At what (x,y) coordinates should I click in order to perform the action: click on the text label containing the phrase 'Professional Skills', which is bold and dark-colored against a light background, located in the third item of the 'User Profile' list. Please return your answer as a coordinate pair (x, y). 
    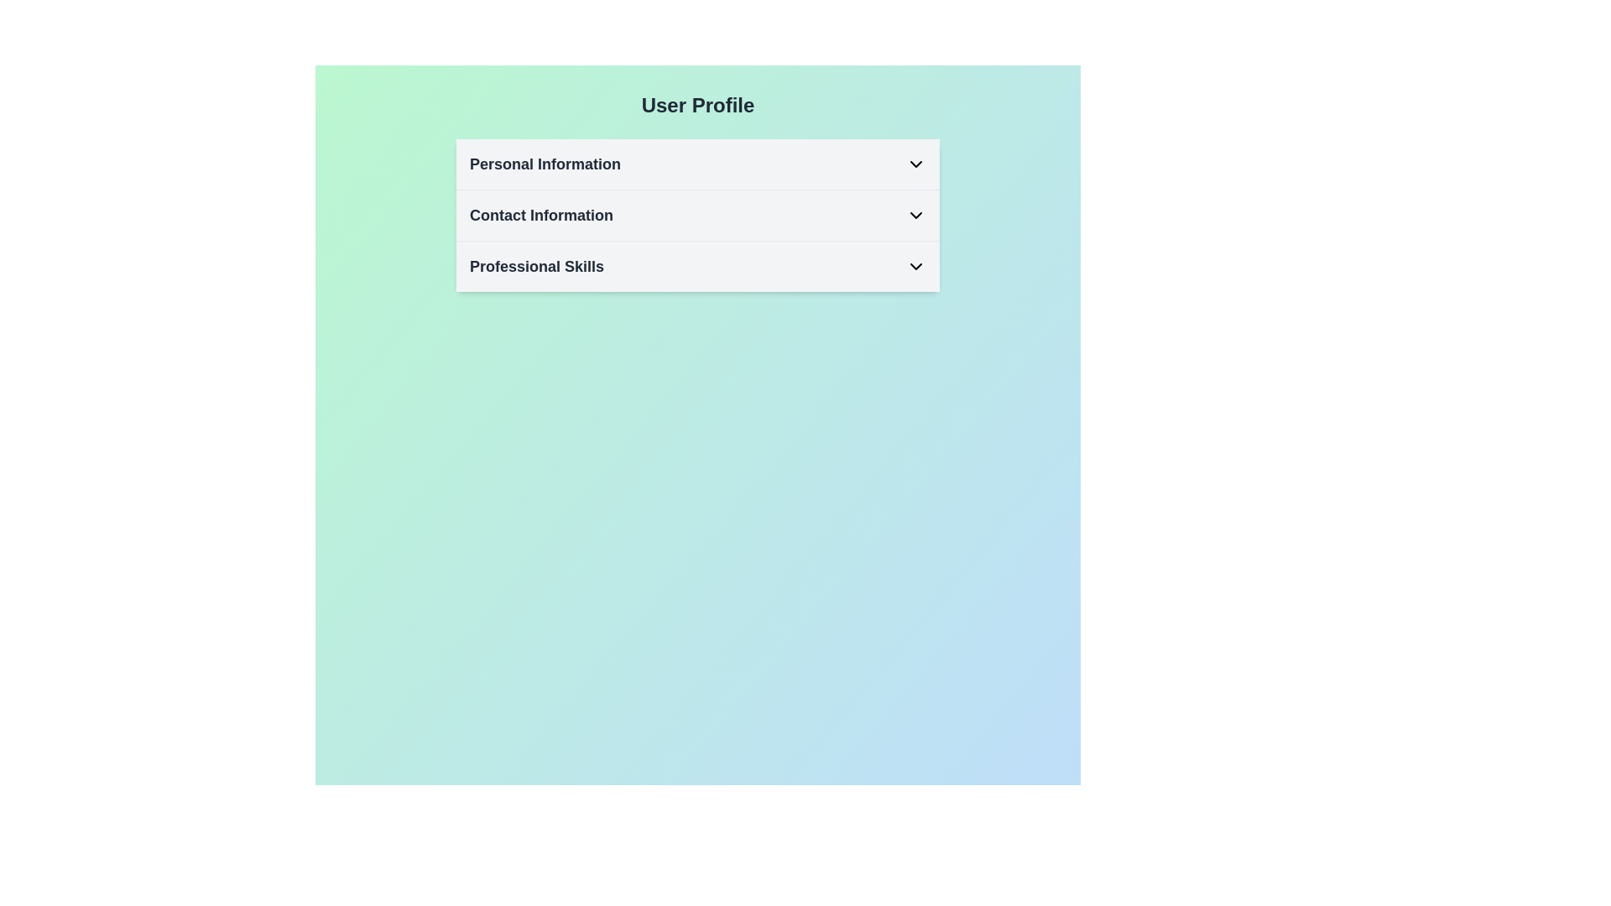
    Looking at the image, I should click on (537, 265).